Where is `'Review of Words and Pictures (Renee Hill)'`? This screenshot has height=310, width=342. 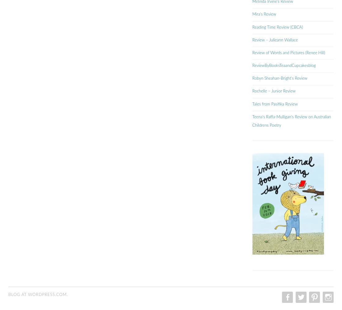 'Review of Words and Pictures (Renee Hill)' is located at coordinates (252, 53).